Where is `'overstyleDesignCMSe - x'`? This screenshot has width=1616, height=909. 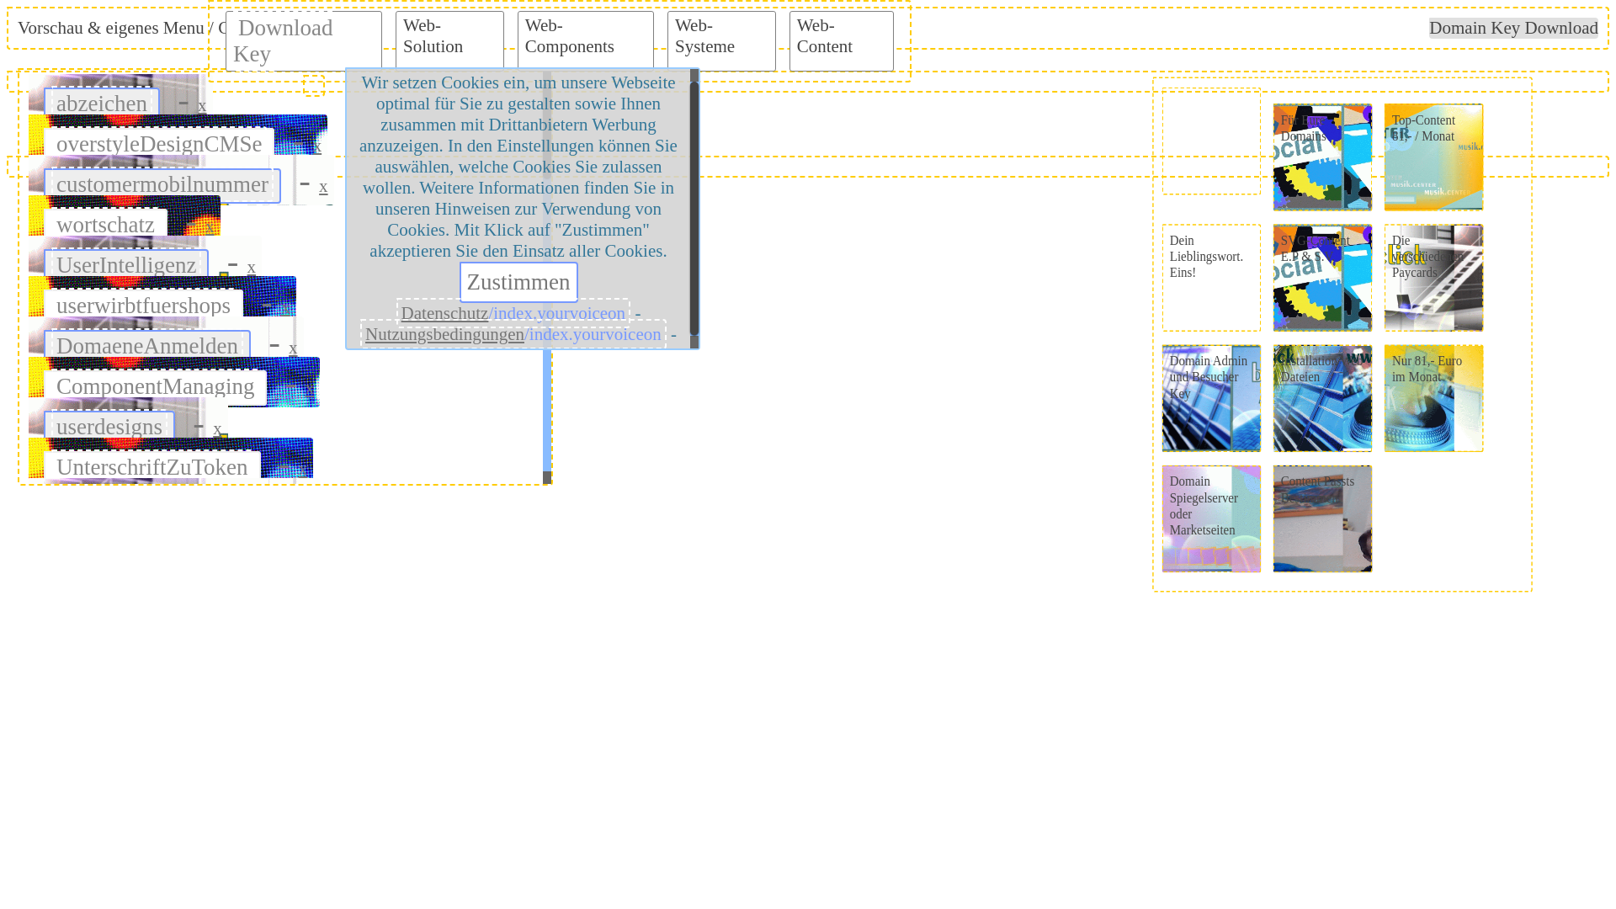 'overstyleDesignCMSe - x' is located at coordinates (178, 138).